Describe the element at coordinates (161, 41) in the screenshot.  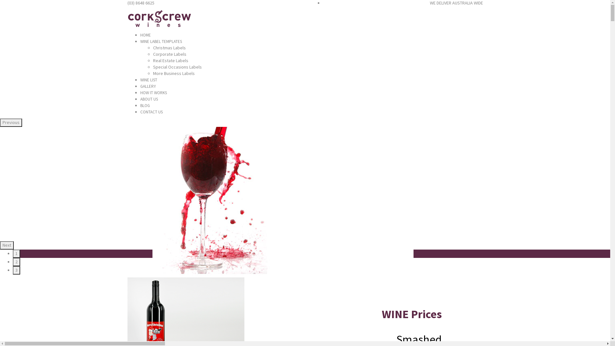
I see `'WINE LABEL TEMPLATES'` at that location.